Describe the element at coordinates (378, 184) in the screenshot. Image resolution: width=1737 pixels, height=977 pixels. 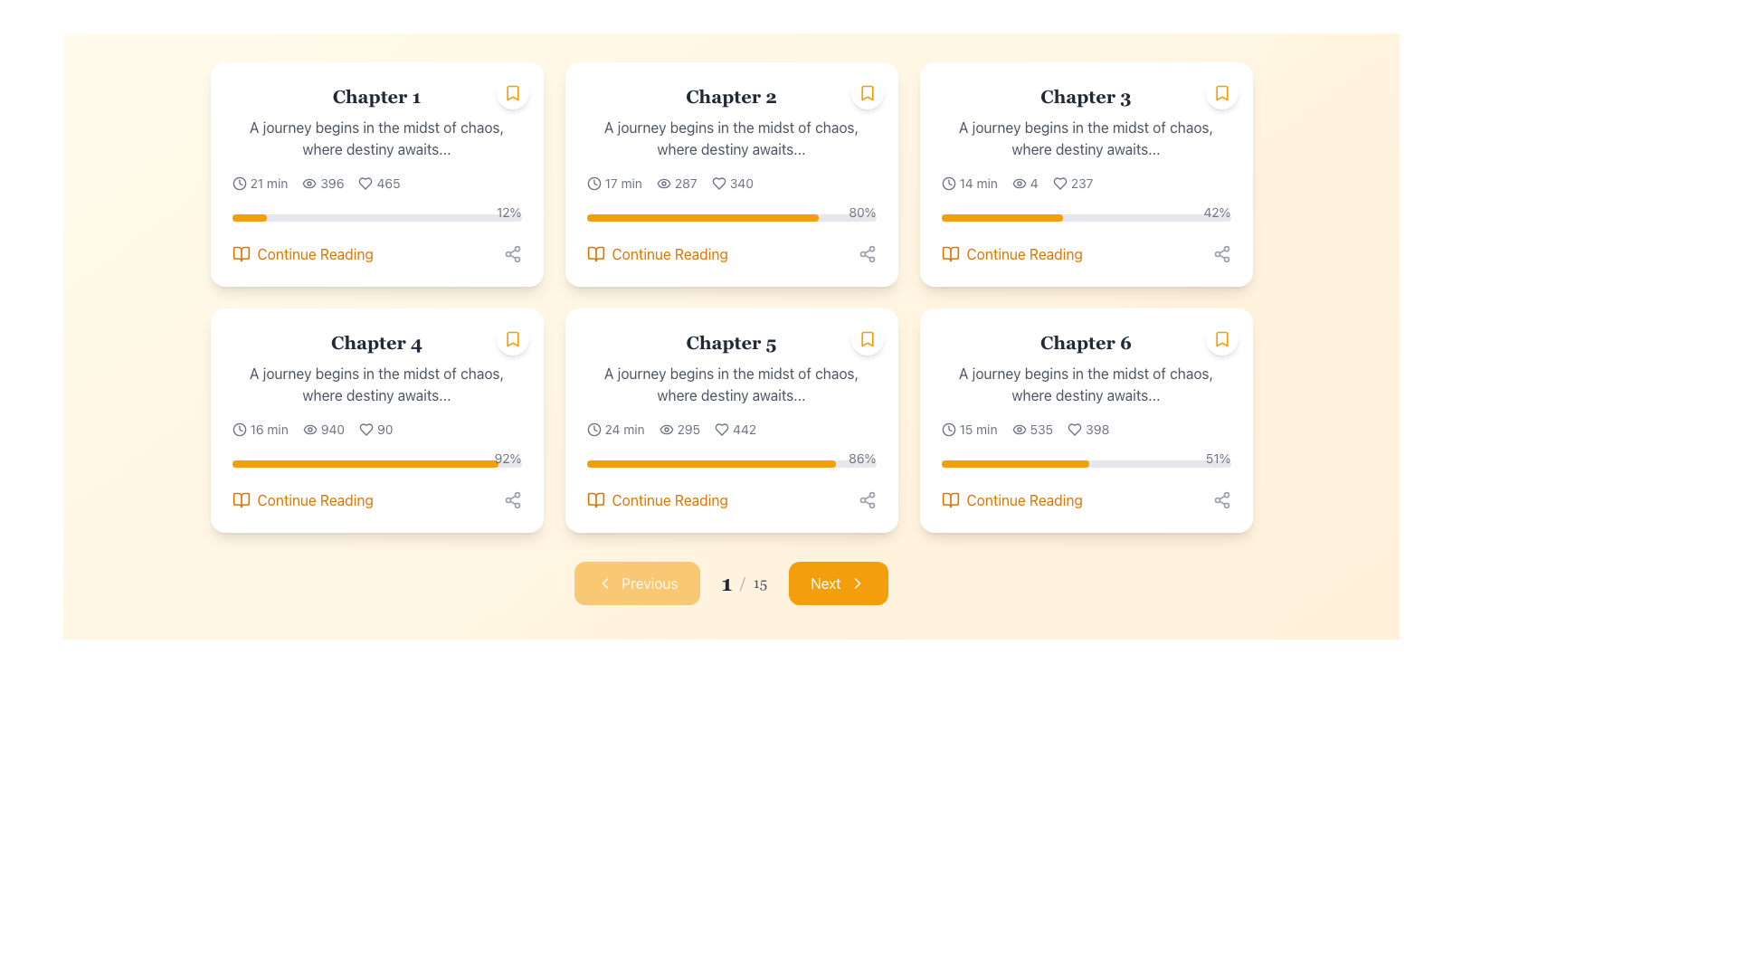
I see `the heart icon with the text '465' located within the 'Chapter 1' card, adjacent to the views number '396' and above the progress bar` at that location.